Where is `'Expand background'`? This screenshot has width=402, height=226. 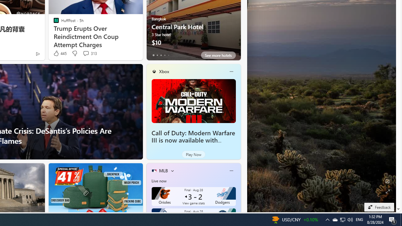 'Expand background' is located at coordinates (387, 191).